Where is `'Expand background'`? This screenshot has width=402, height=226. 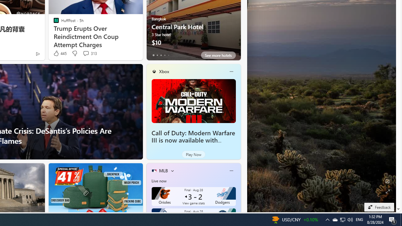 'Expand background' is located at coordinates (387, 191).